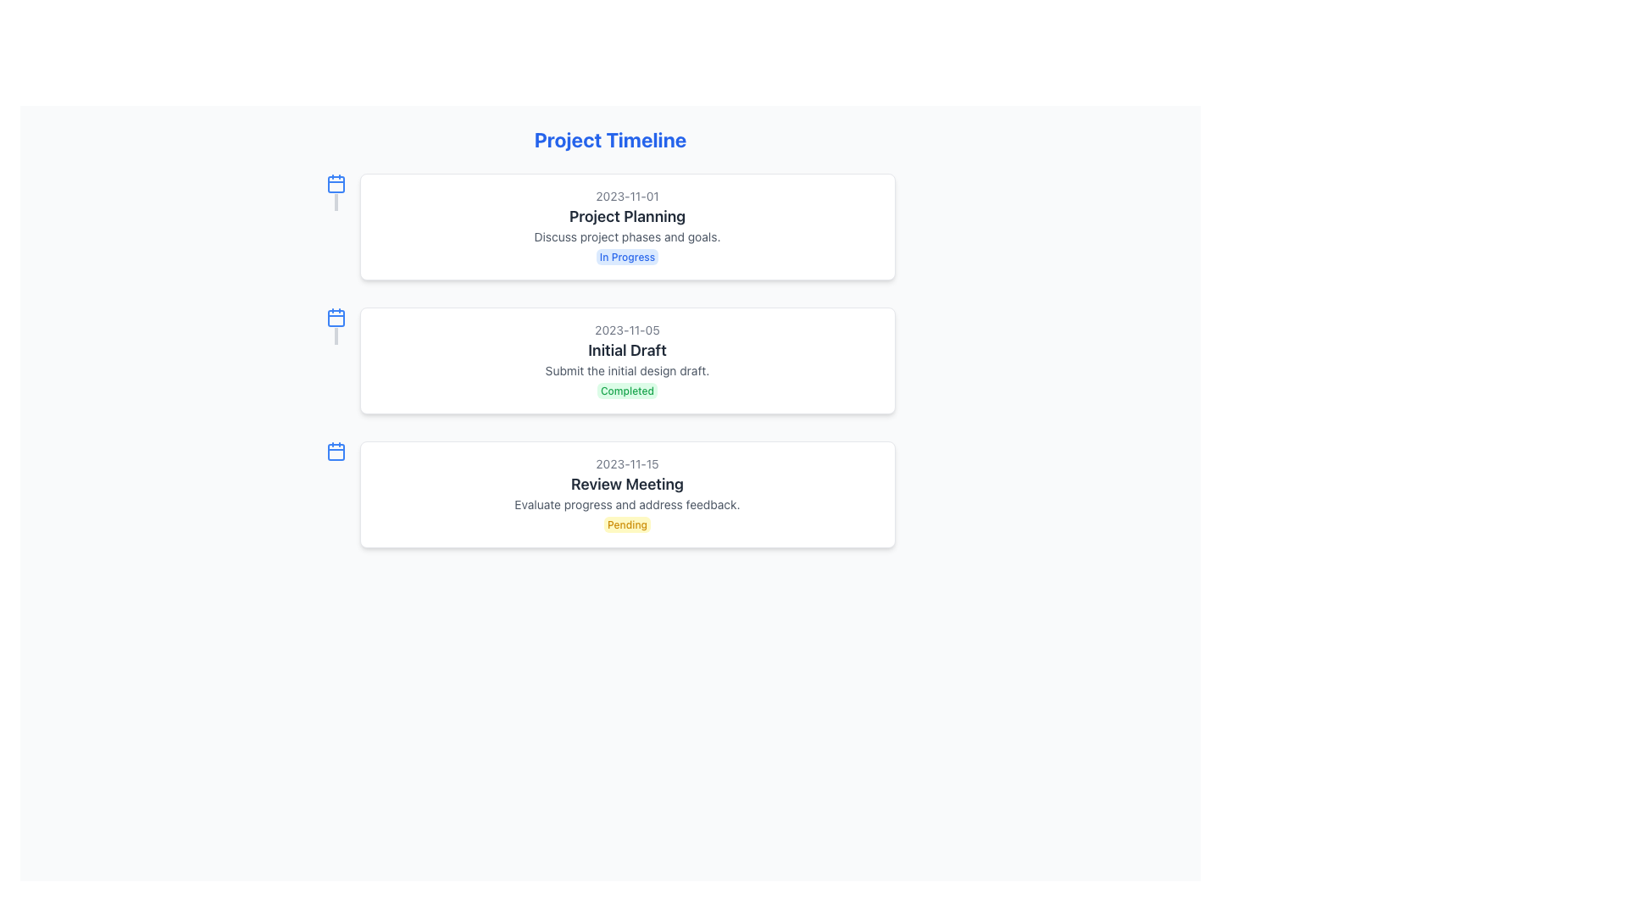  Describe the element at coordinates (336, 183) in the screenshot. I see `the blue calendar icon with tick marks, positioned to the left of 'Project Planning' in the timeline layout` at that location.